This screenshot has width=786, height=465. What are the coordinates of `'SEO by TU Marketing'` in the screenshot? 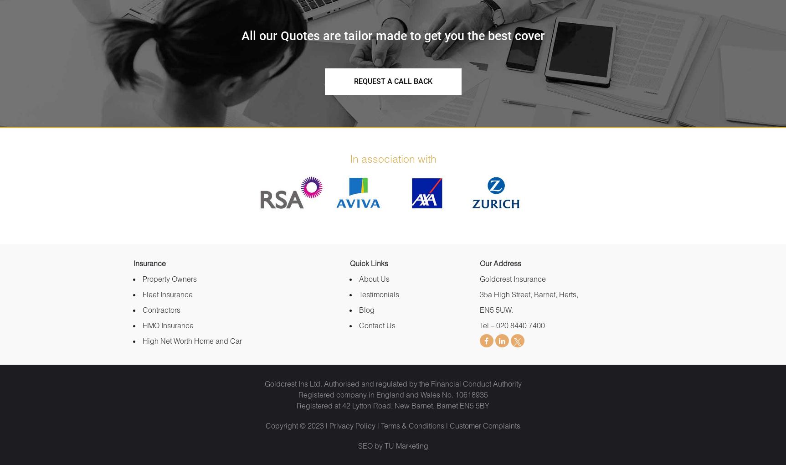 It's located at (392, 445).